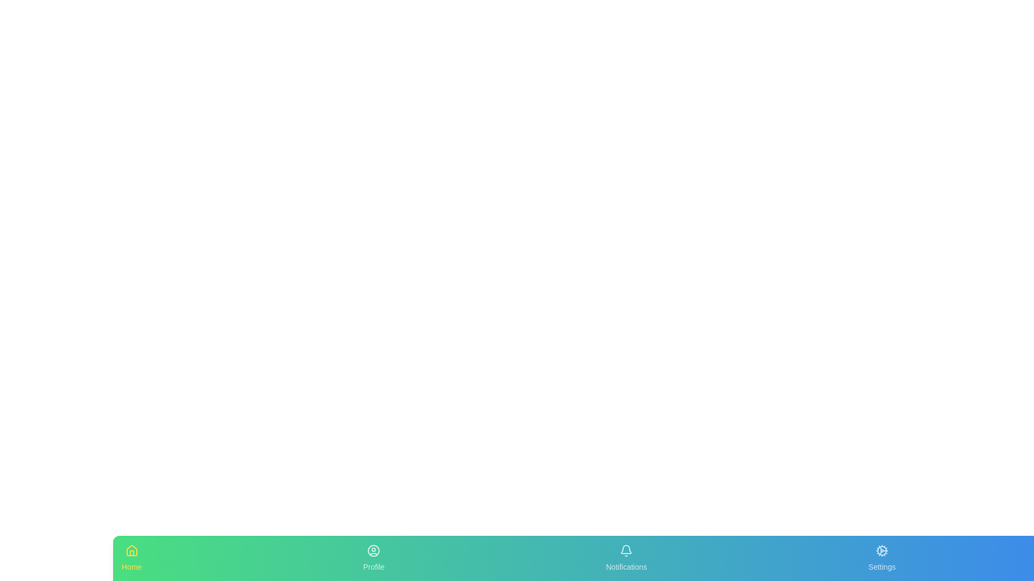 Image resolution: width=1034 pixels, height=581 pixels. What do you see at coordinates (374, 557) in the screenshot?
I see `the tab labeled Profile in the bottom navigation` at bounding box center [374, 557].